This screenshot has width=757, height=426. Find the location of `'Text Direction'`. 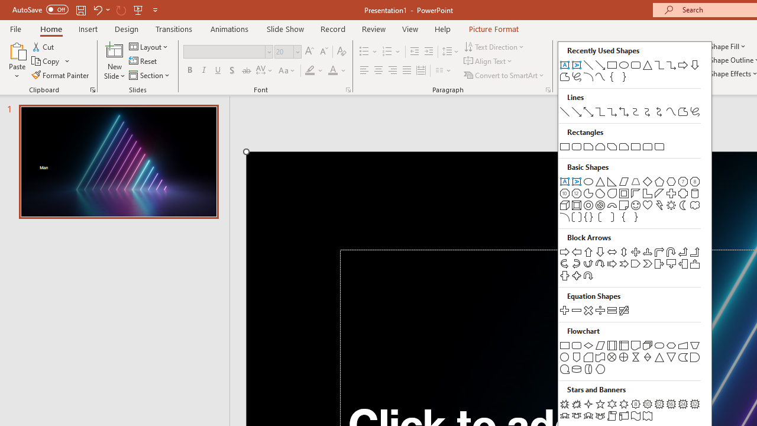

'Text Direction' is located at coordinates (495, 46).